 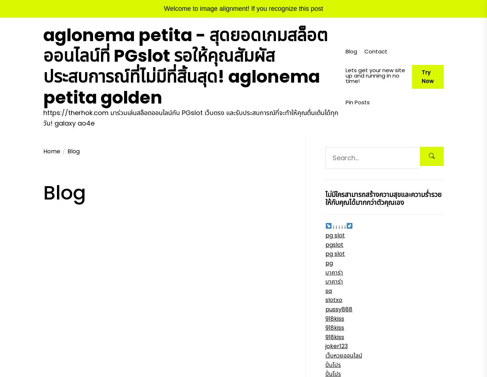 What do you see at coordinates (328, 290) in the screenshot?
I see `'sa'` at bounding box center [328, 290].